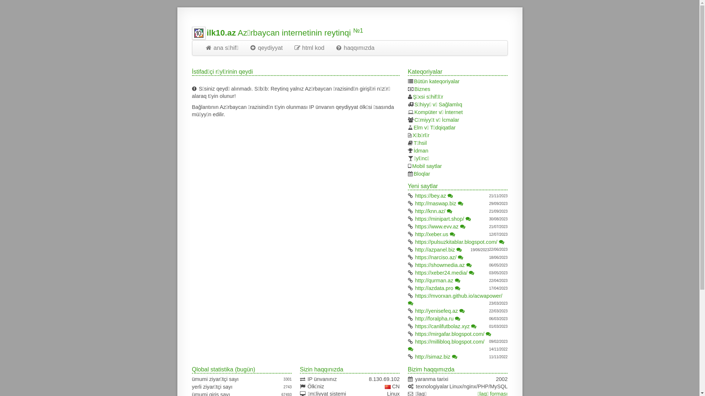 The height and width of the screenshot is (396, 705). Describe the element at coordinates (309, 48) in the screenshot. I see `'html kod'` at that location.